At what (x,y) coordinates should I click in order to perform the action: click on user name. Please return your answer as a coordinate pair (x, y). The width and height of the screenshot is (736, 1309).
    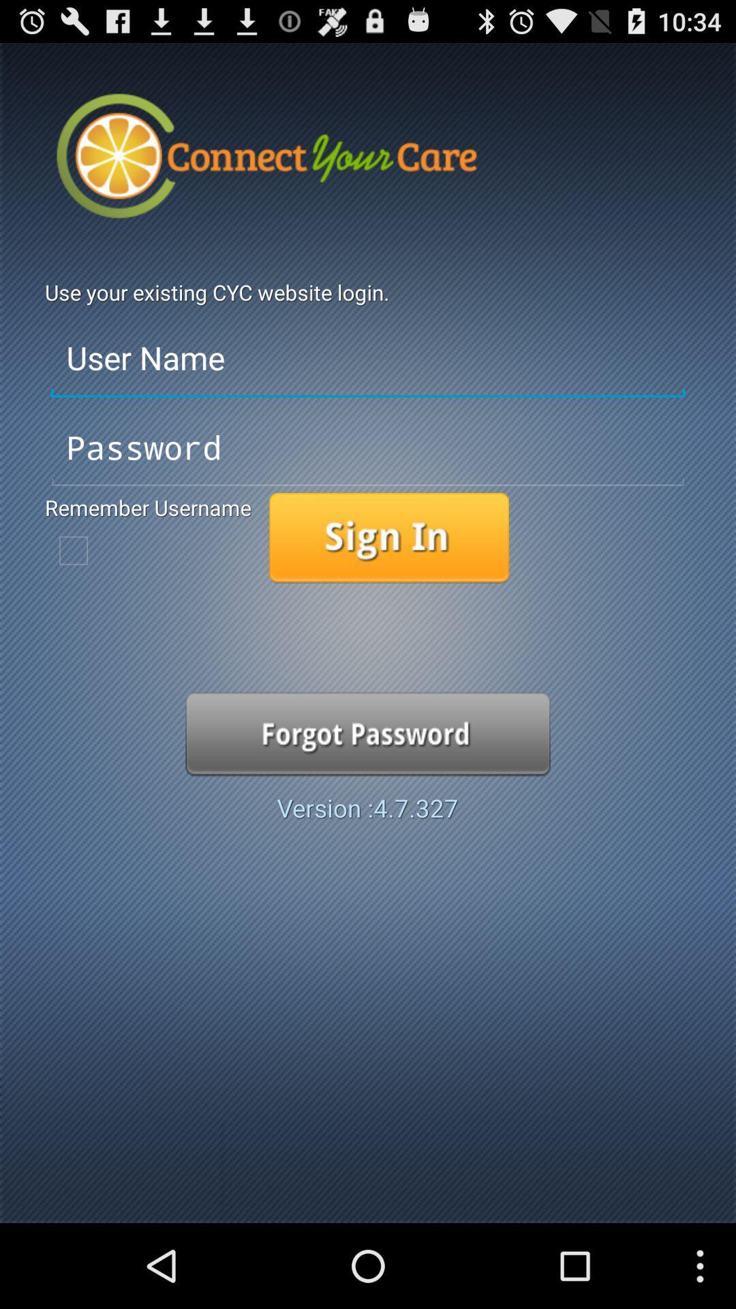
    Looking at the image, I should click on (368, 359).